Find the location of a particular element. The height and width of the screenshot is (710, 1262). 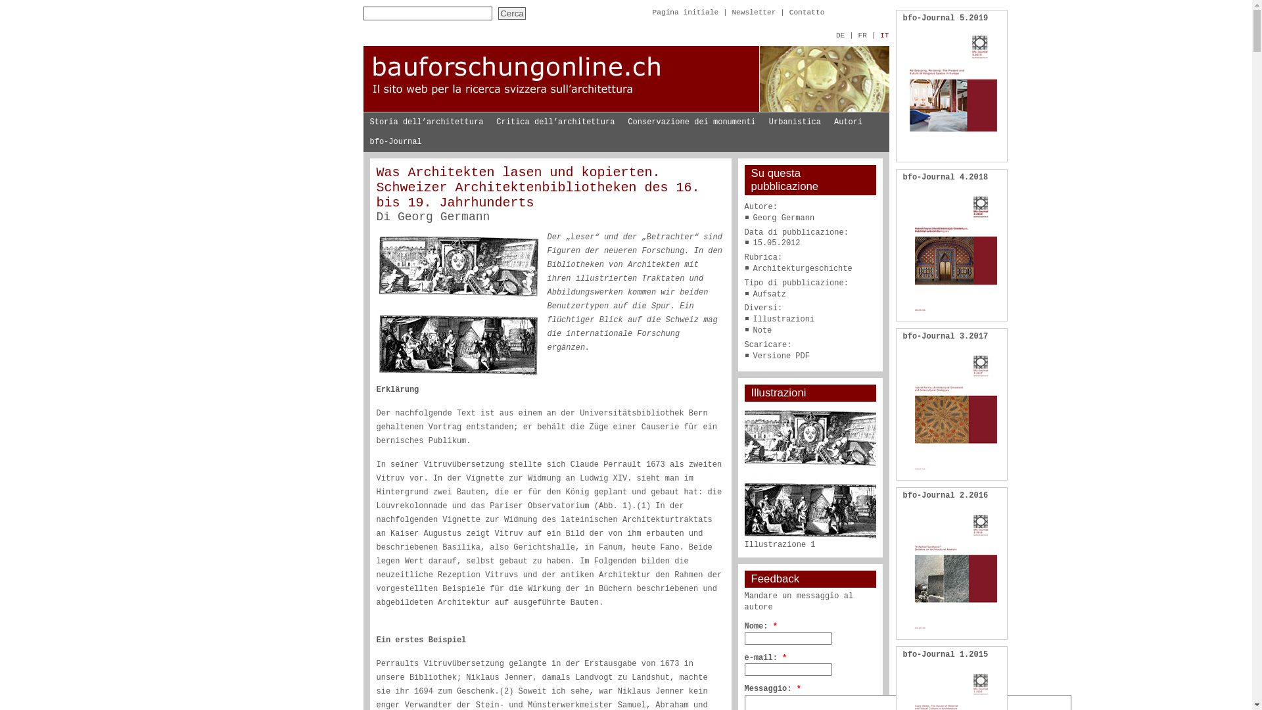

'Georg Germann' is located at coordinates (753, 217).